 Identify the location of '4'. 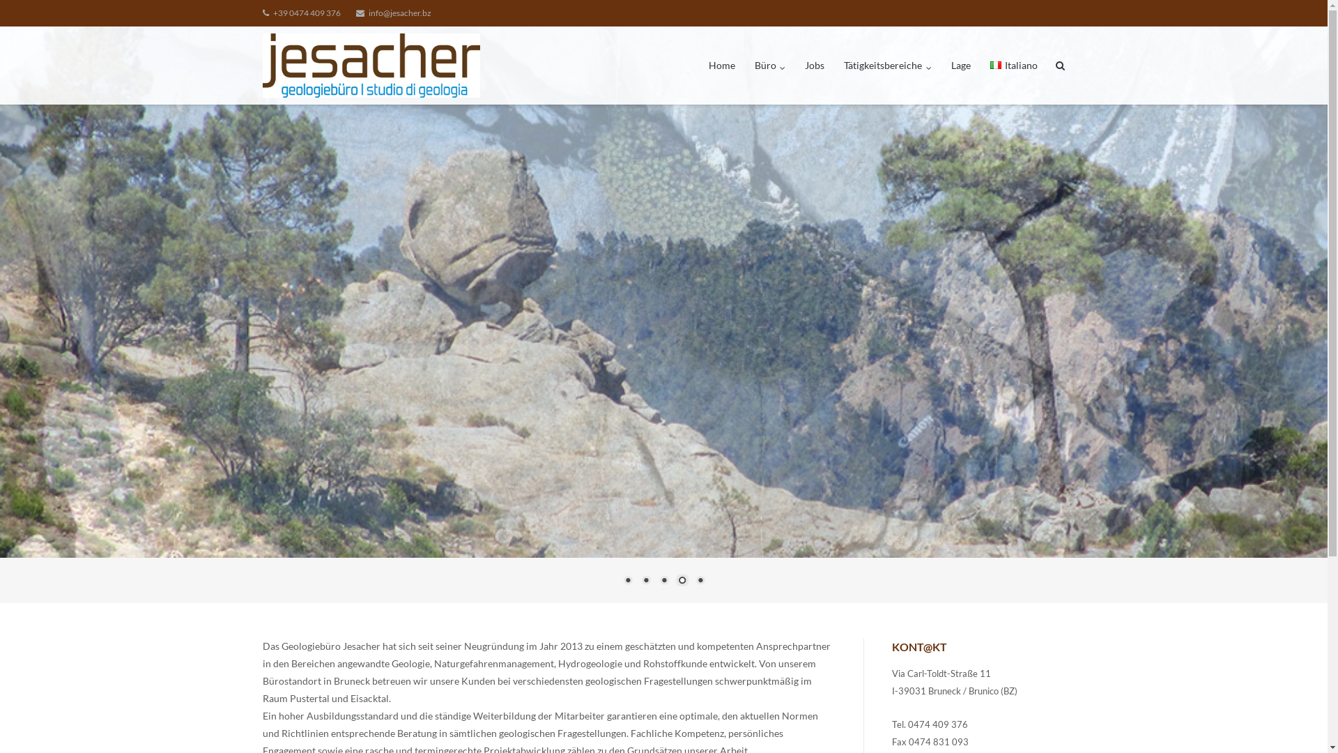
(682, 581).